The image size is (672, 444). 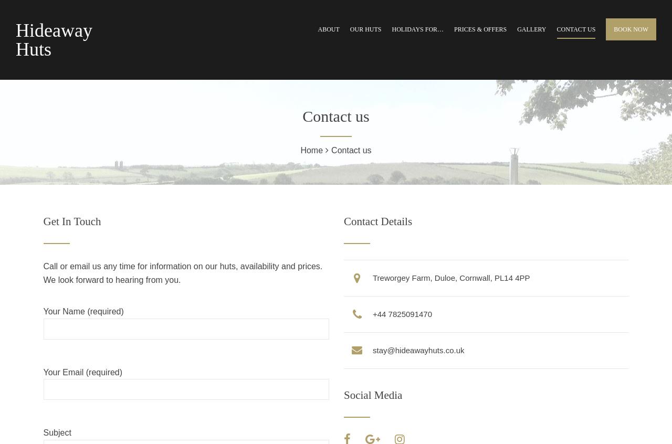 What do you see at coordinates (391, 29) in the screenshot?
I see `'Holidays for…'` at bounding box center [391, 29].